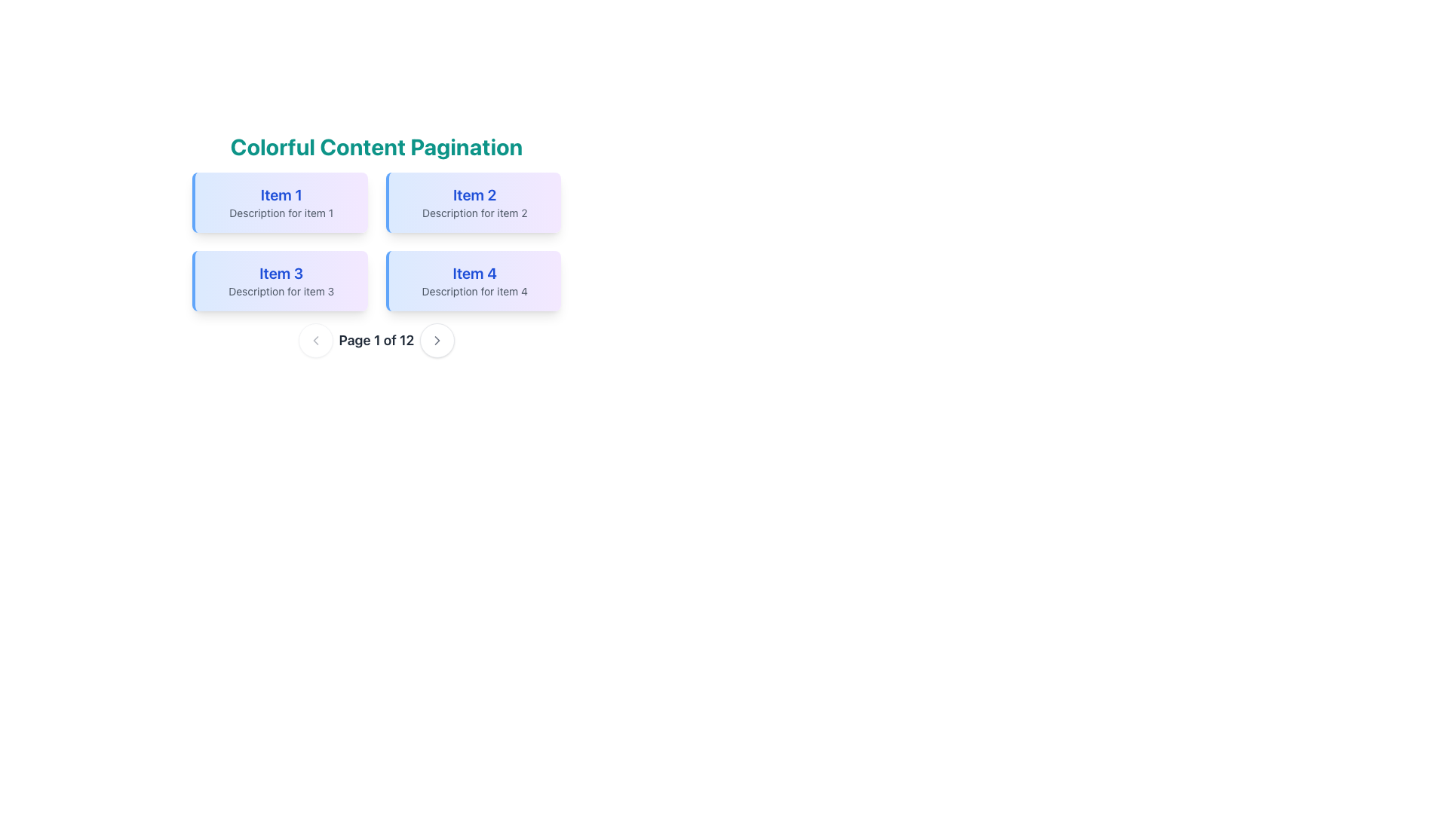  I want to click on the Card component located in the first row, second column of the grid layout, which displays grouped information including a title and description, so click(472, 202).